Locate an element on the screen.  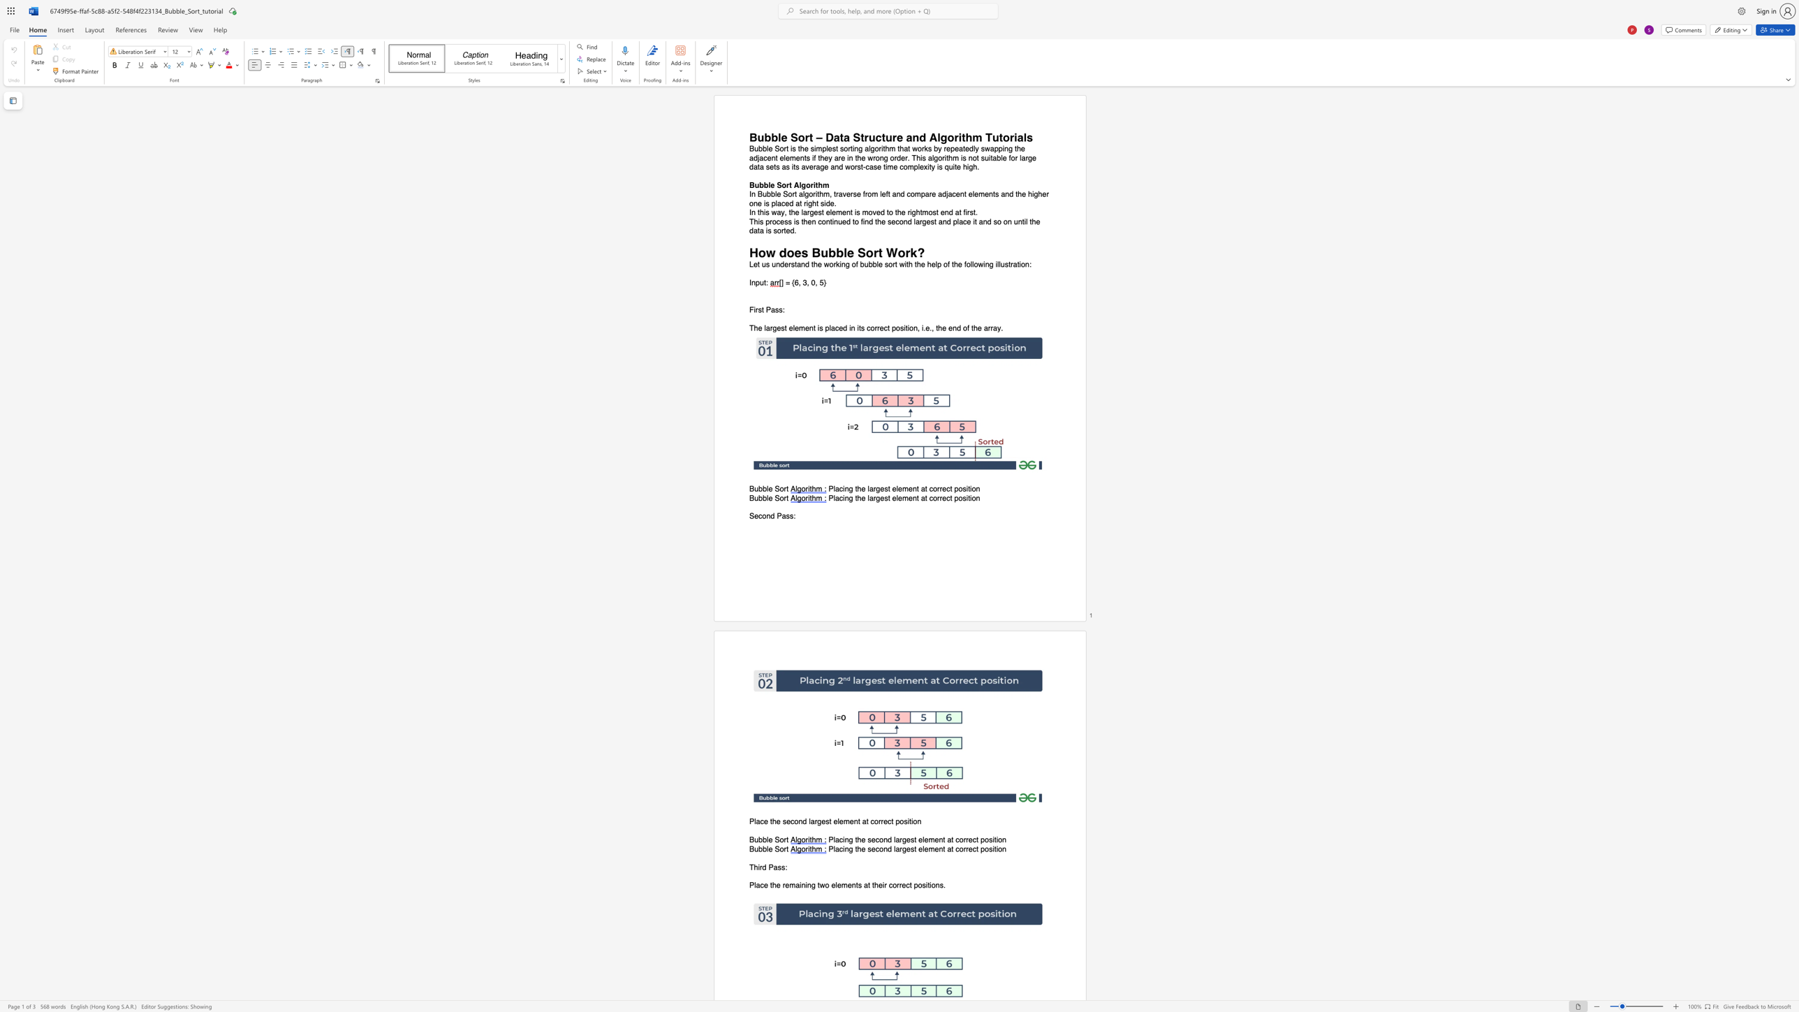
the 5th character "n" in the text is located at coordinates (1026, 264).